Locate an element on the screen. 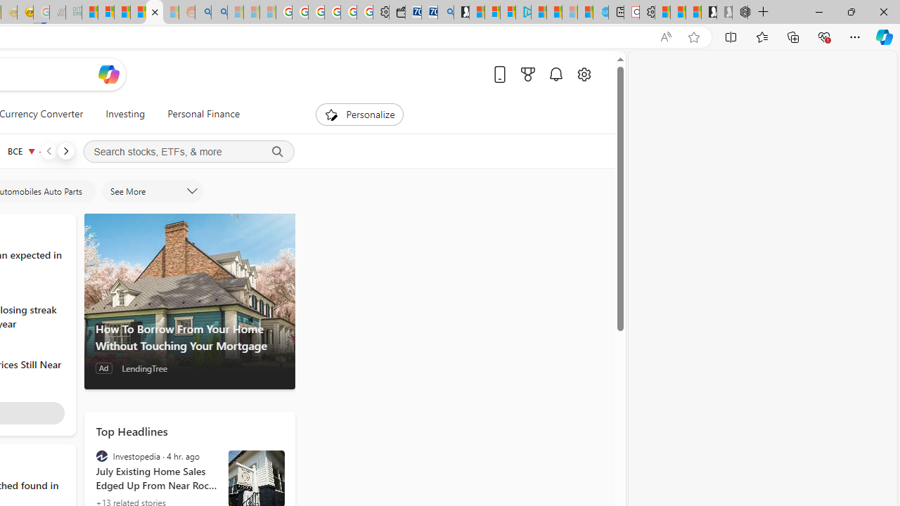 This screenshot has width=900, height=506. 'Open Copilot' is located at coordinates (108, 74).